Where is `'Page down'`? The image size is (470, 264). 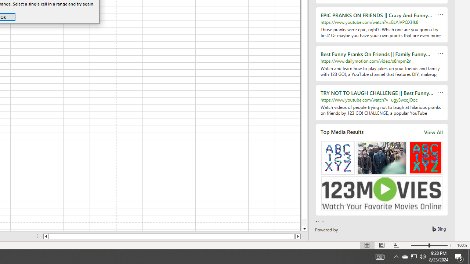
'Page down' is located at coordinates (304, 223).